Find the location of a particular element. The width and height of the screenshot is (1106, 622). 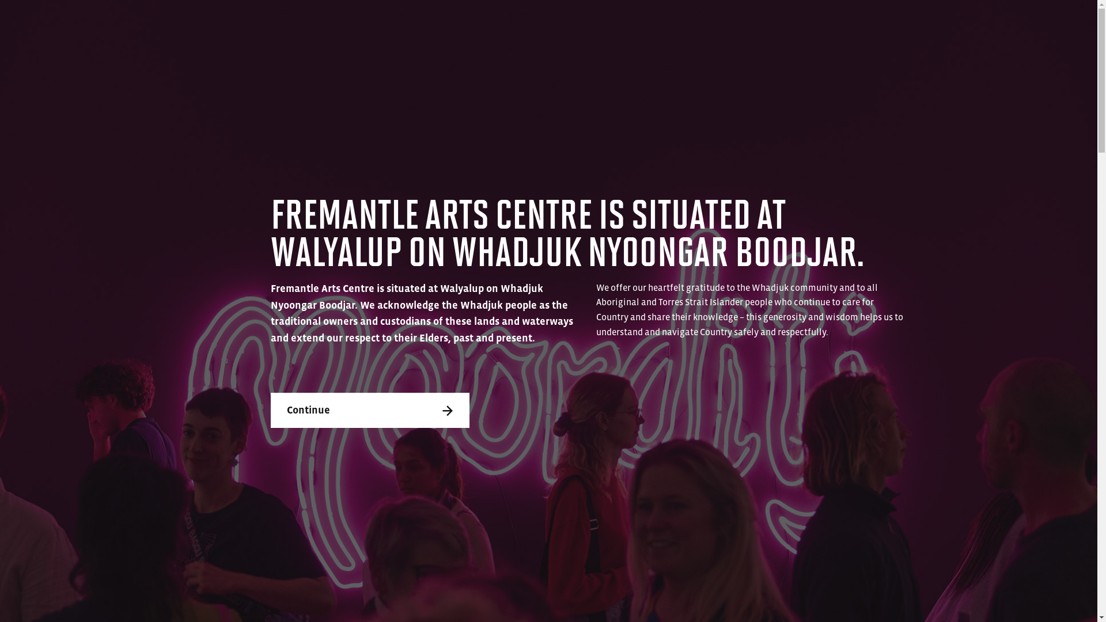

'CART (0)' is located at coordinates (1001, 20).